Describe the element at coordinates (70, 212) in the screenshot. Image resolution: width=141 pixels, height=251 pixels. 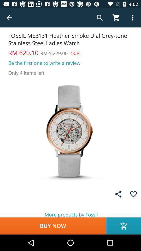
I see `the item above buy now icon` at that location.